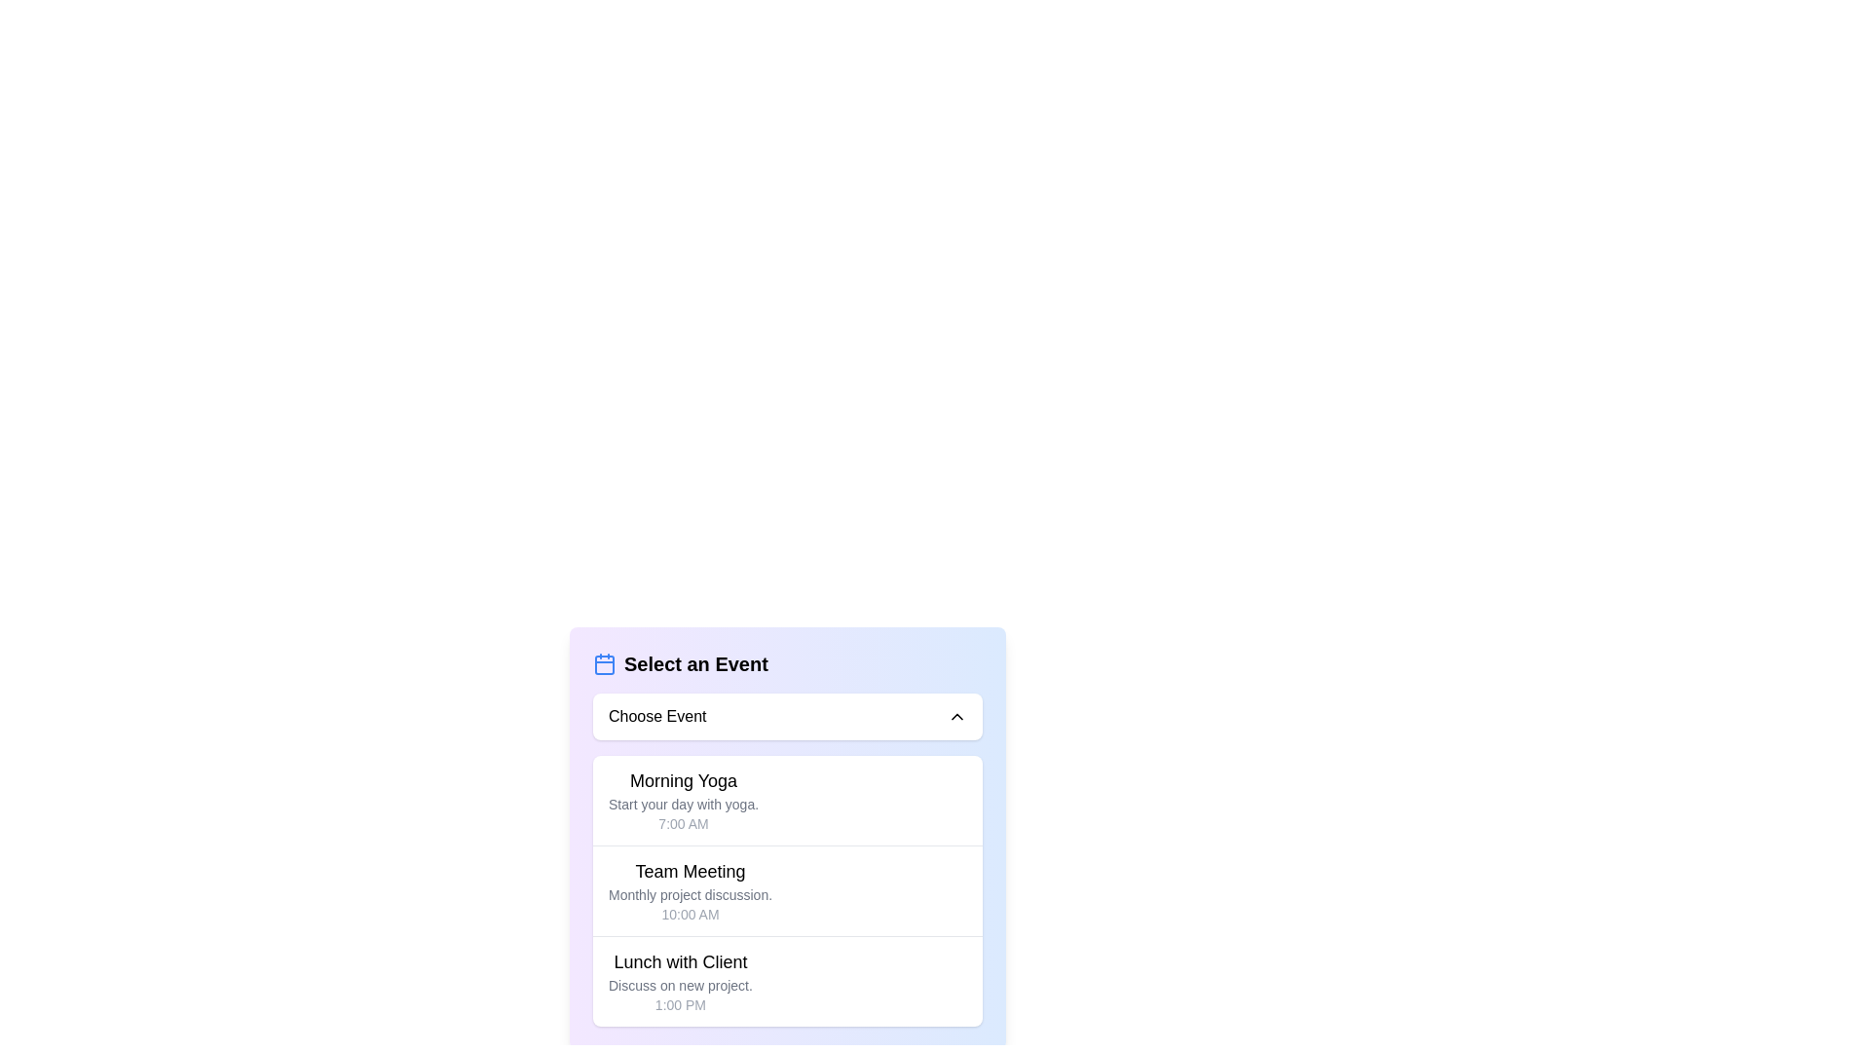 The height and width of the screenshot is (1052, 1870). I want to click on the text label indicating 'Lunch with Client', so click(680, 960).